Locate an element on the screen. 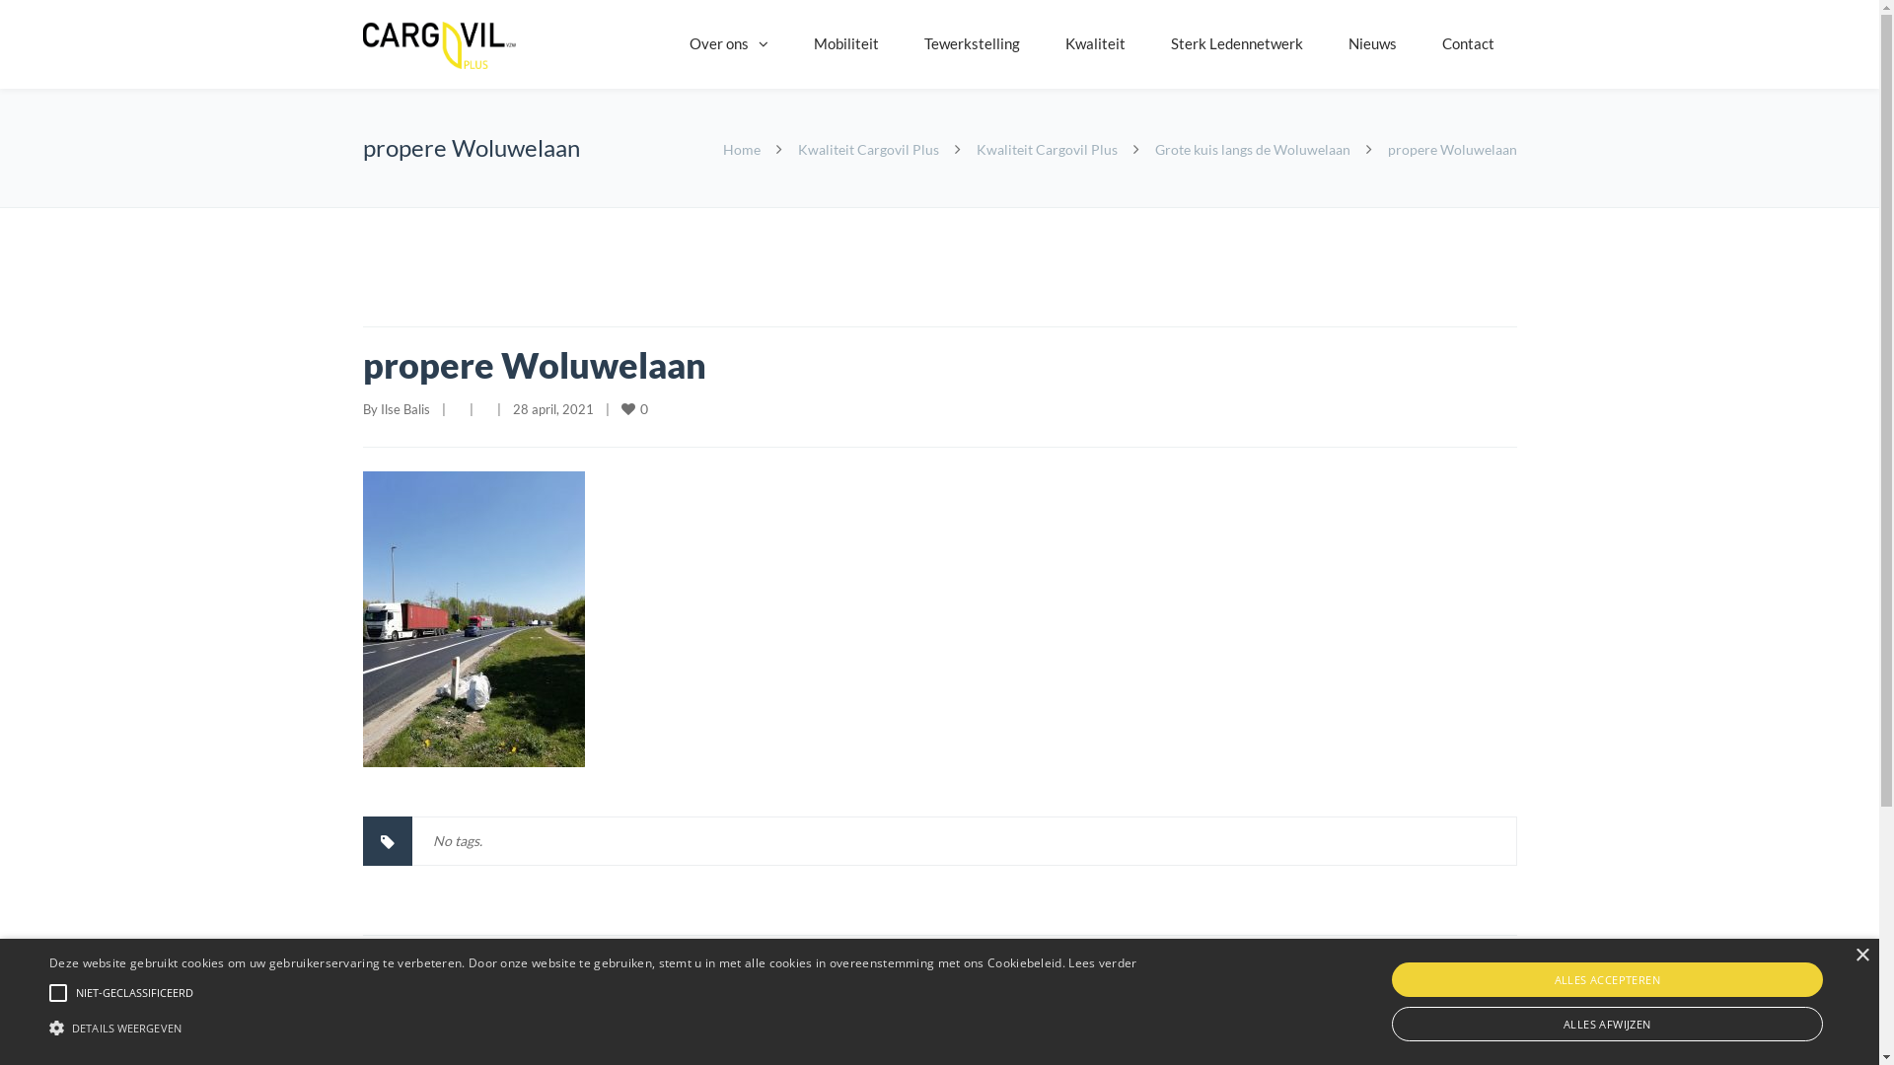  'Lees verder' is located at coordinates (1067, 961).